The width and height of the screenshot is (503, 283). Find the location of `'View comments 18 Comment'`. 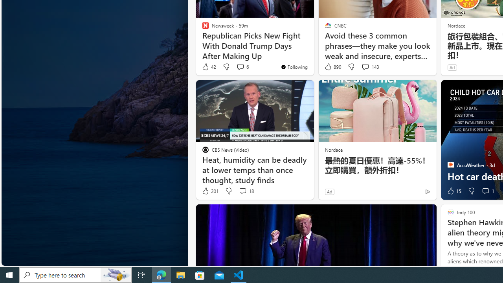

'View comments 18 Comment' is located at coordinates (246, 191).